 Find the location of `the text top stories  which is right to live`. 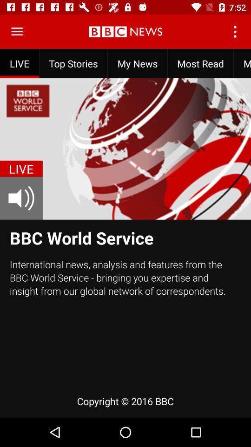

the text top stories  which is right to live is located at coordinates (73, 63).